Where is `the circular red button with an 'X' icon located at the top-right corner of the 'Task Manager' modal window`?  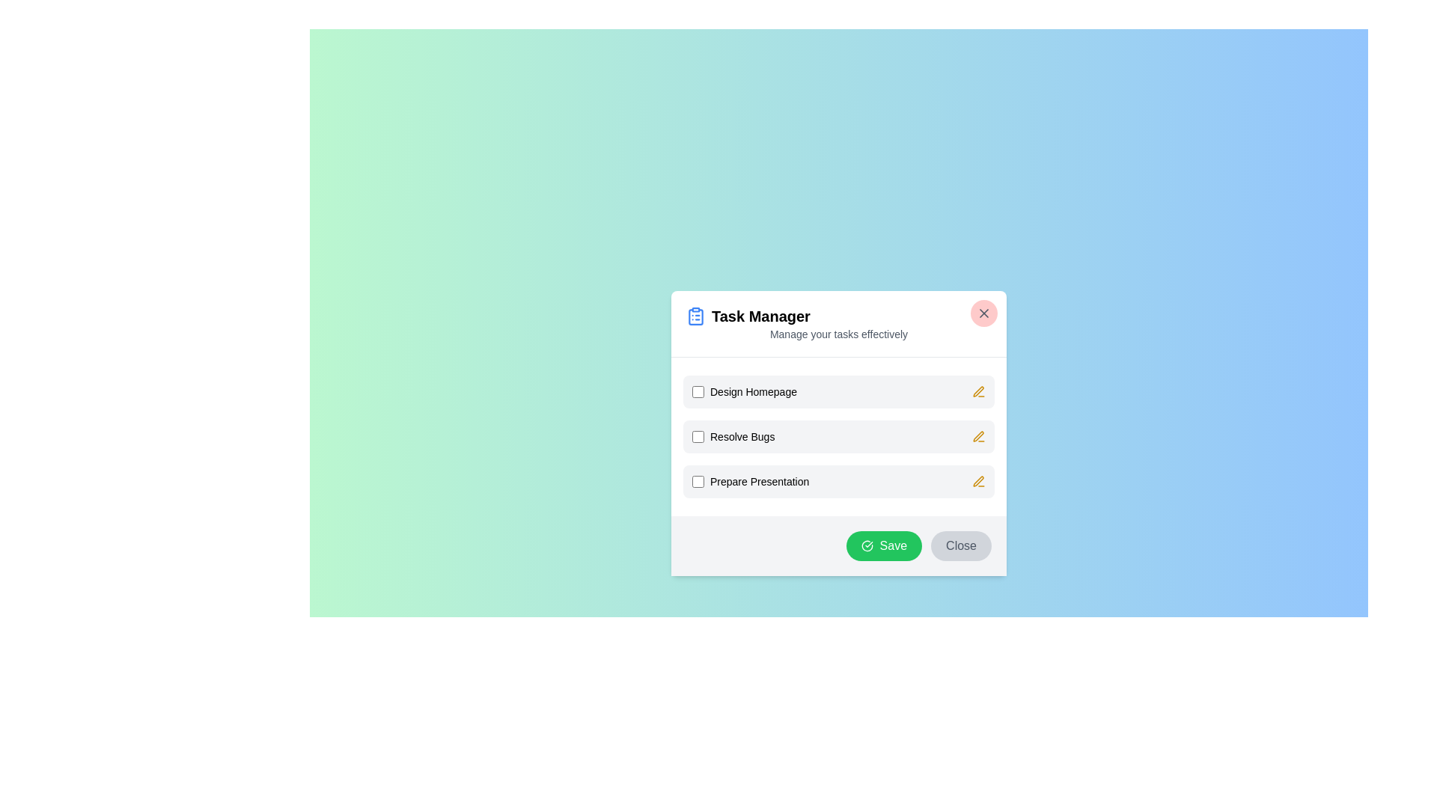 the circular red button with an 'X' icon located at the top-right corner of the 'Task Manager' modal window is located at coordinates (984, 311).